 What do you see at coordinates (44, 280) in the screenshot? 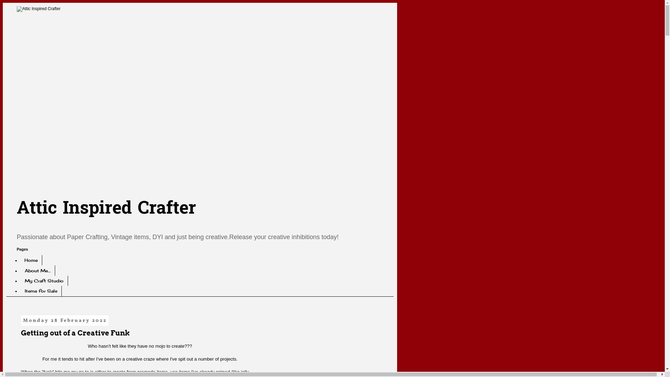
I see `'My Craft Studio'` at bounding box center [44, 280].